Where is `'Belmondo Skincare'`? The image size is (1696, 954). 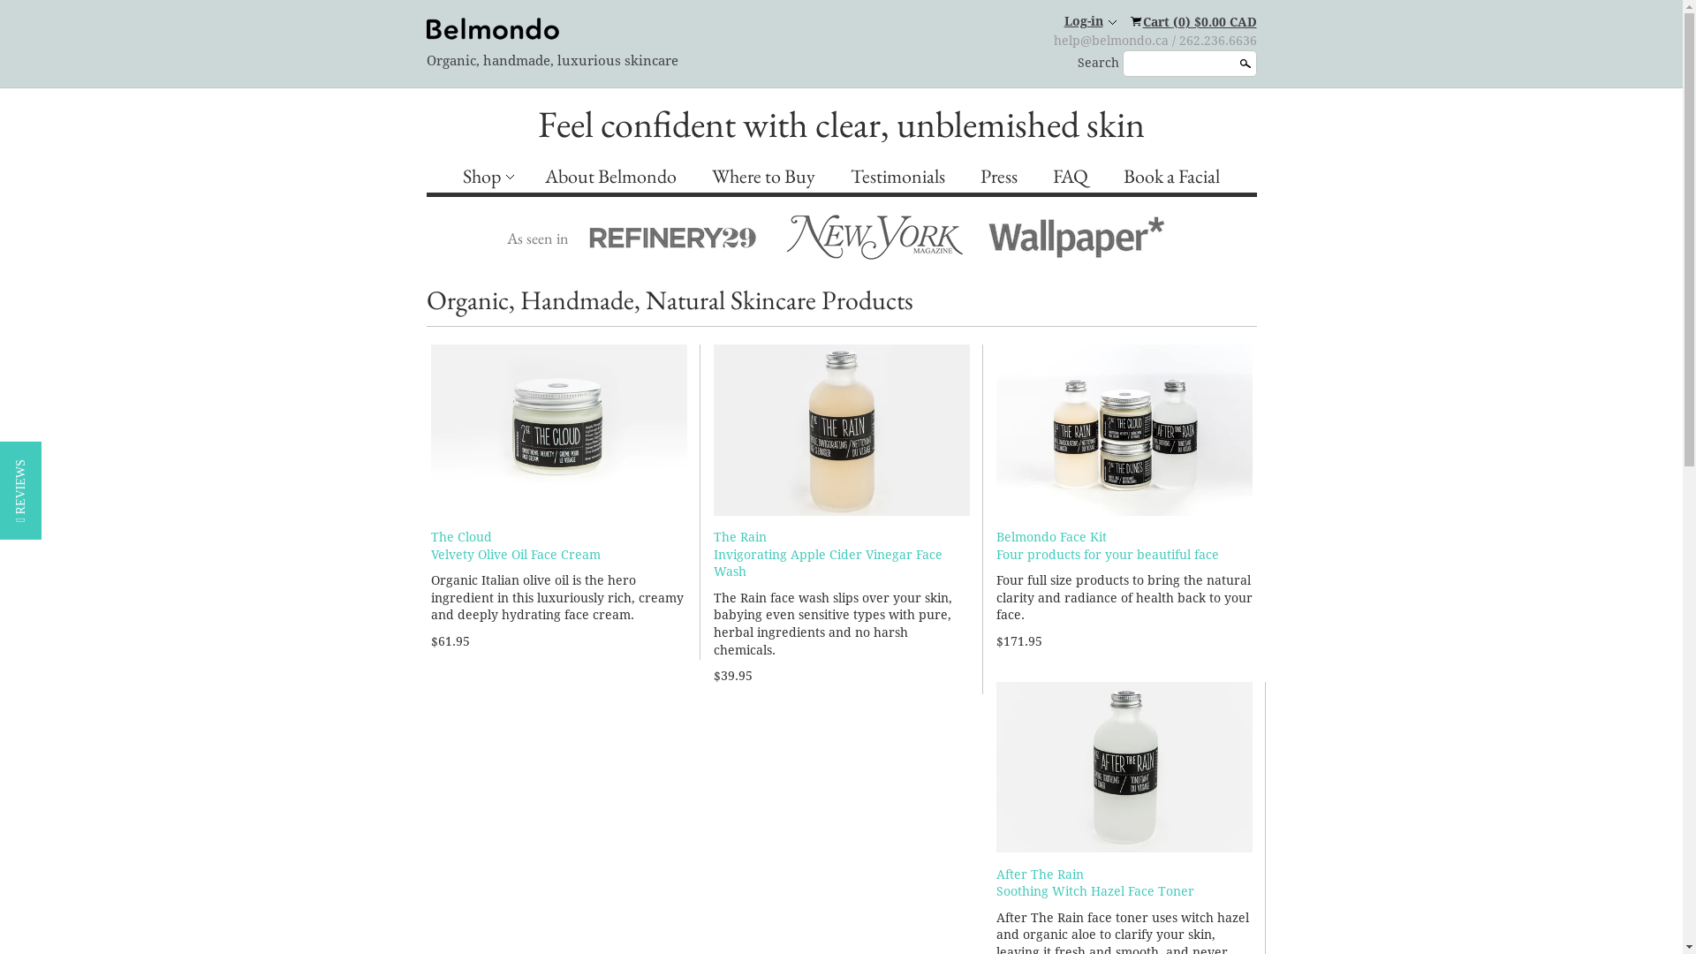 'Belmondo Skincare' is located at coordinates (425, 28).